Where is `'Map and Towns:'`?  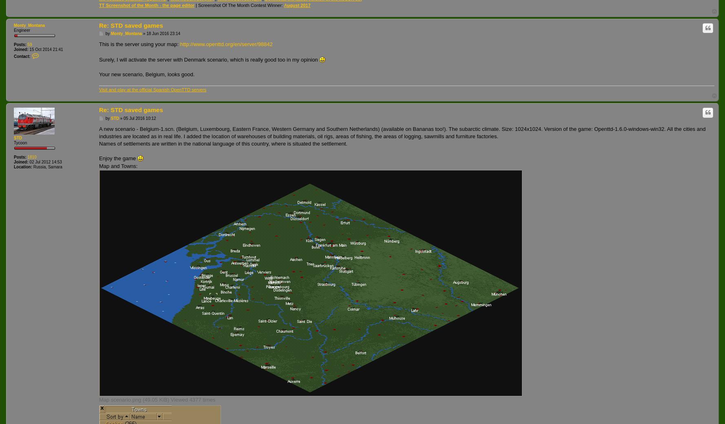
'Map and Towns:' is located at coordinates (118, 166).